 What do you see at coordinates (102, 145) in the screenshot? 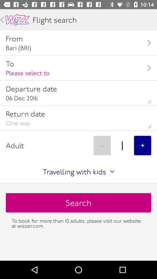
I see `- item` at bounding box center [102, 145].